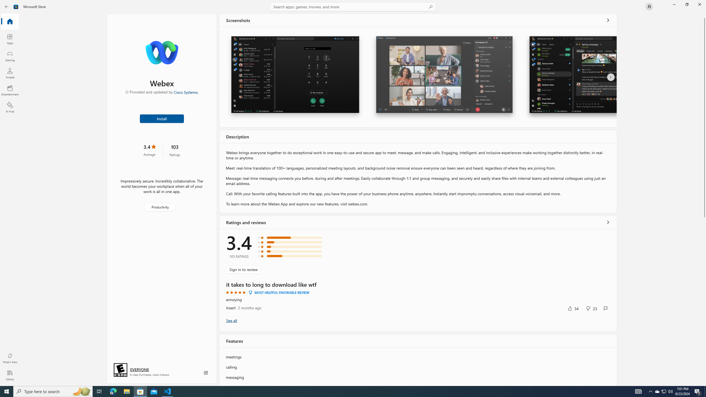  What do you see at coordinates (699, 4) in the screenshot?
I see `'Close Microsoft Store'` at bounding box center [699, 4].